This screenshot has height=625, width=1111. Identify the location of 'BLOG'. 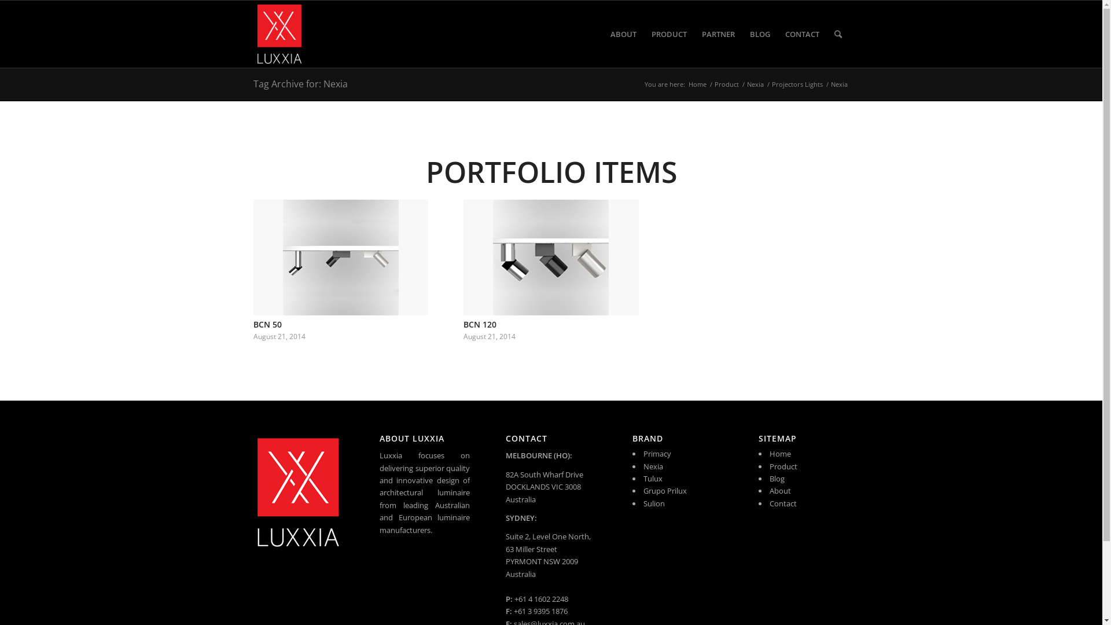
(759, 33).